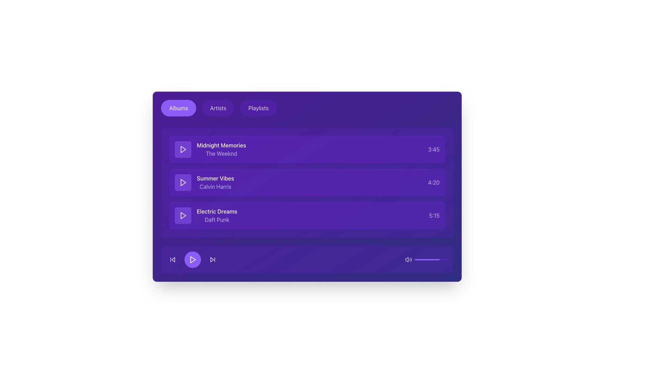 Image resolution: width=662 pixels, height=372 pixels. What do you see at coordinates (183, 182) in the screenshot?
I see `the second play button (Play Icon) for the track 'Summer Vibes' by Calvin Harris` at bounding box center [183, 182].